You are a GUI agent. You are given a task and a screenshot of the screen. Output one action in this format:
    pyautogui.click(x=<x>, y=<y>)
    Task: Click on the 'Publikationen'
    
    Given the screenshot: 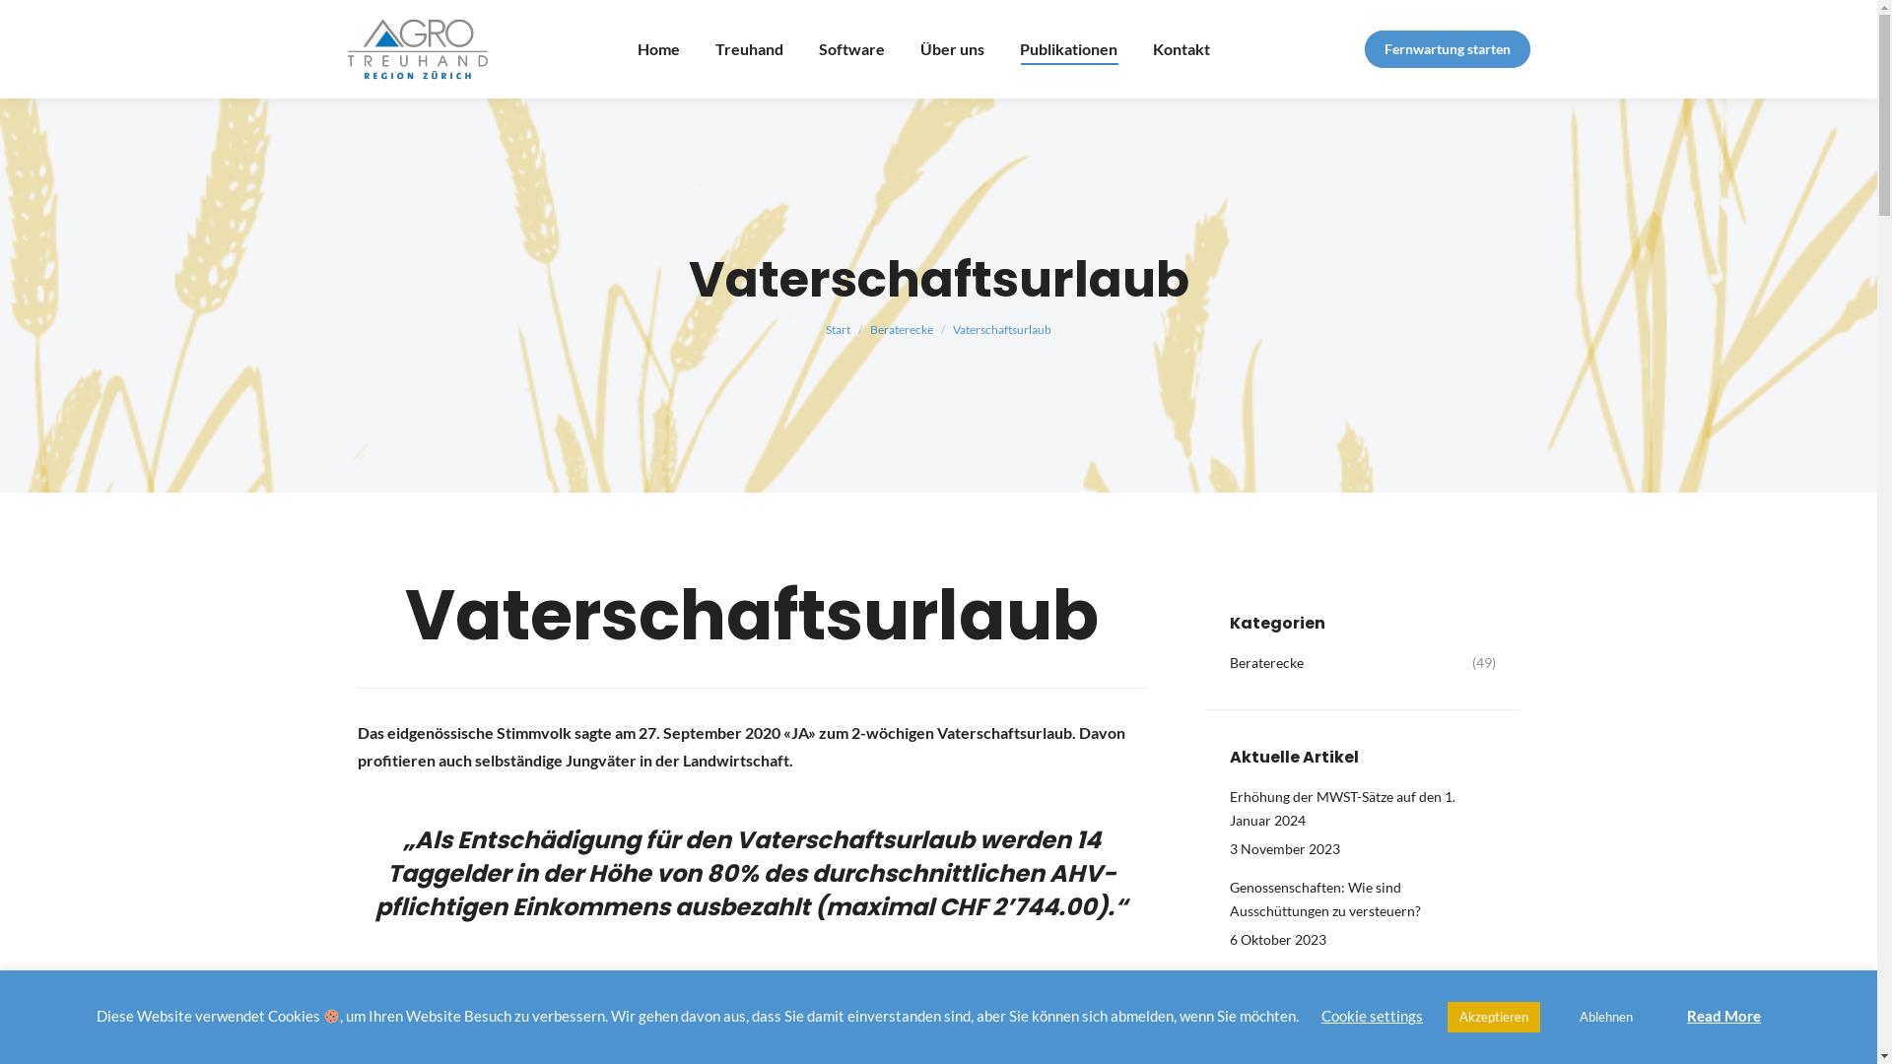 What is the action you would take?
    pyautogui.click(x=1066, y=48)
    